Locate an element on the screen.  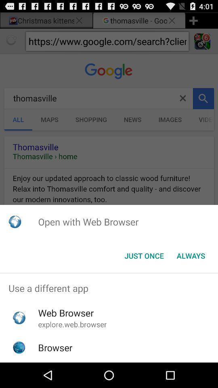
the item above the web browser is located at coordinates (109, 288).